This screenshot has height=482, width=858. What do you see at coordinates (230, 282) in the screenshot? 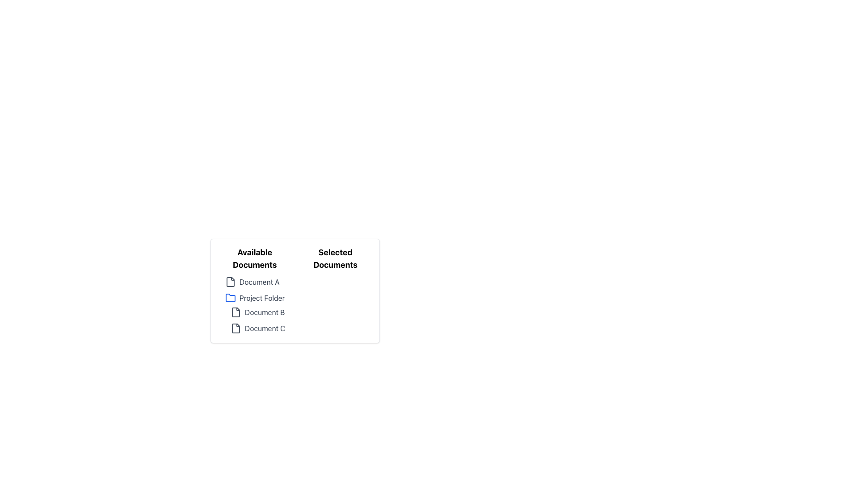
I see `the icon representing 'Document A' located on the left side of the list entry in the 'Available Documents' section` at bounding box center [230, 282].